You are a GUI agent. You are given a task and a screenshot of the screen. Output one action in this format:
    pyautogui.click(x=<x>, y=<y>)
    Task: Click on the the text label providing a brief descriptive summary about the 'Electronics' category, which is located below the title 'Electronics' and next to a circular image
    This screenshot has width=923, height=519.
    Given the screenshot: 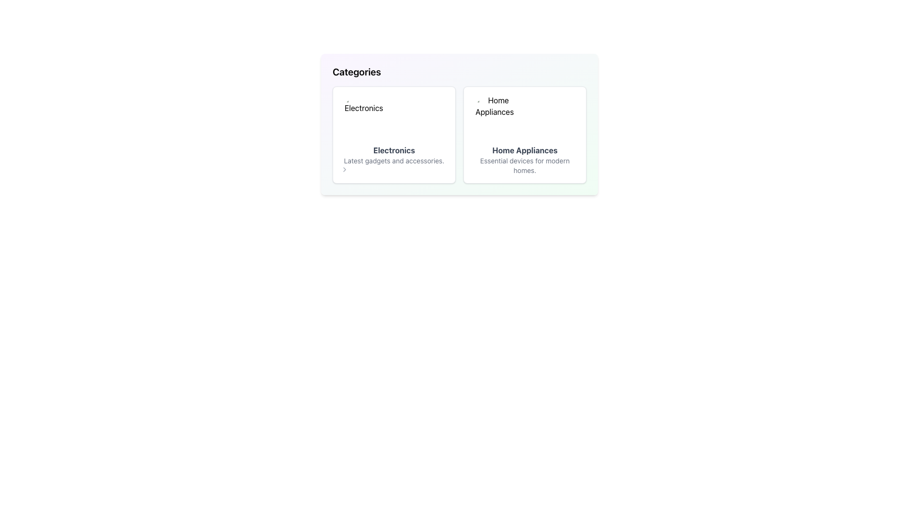 What is the action you would take?
    pyautogui.click(x=394, y=161)
    